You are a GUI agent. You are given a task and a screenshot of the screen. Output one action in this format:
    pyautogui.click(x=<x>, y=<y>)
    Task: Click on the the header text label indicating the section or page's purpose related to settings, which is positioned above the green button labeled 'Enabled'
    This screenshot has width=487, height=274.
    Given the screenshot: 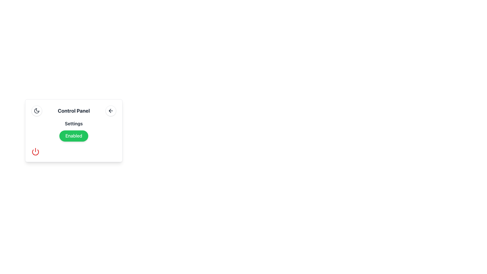 What is the action you would take?
    pyautogui.click(x=74, y=124)
    